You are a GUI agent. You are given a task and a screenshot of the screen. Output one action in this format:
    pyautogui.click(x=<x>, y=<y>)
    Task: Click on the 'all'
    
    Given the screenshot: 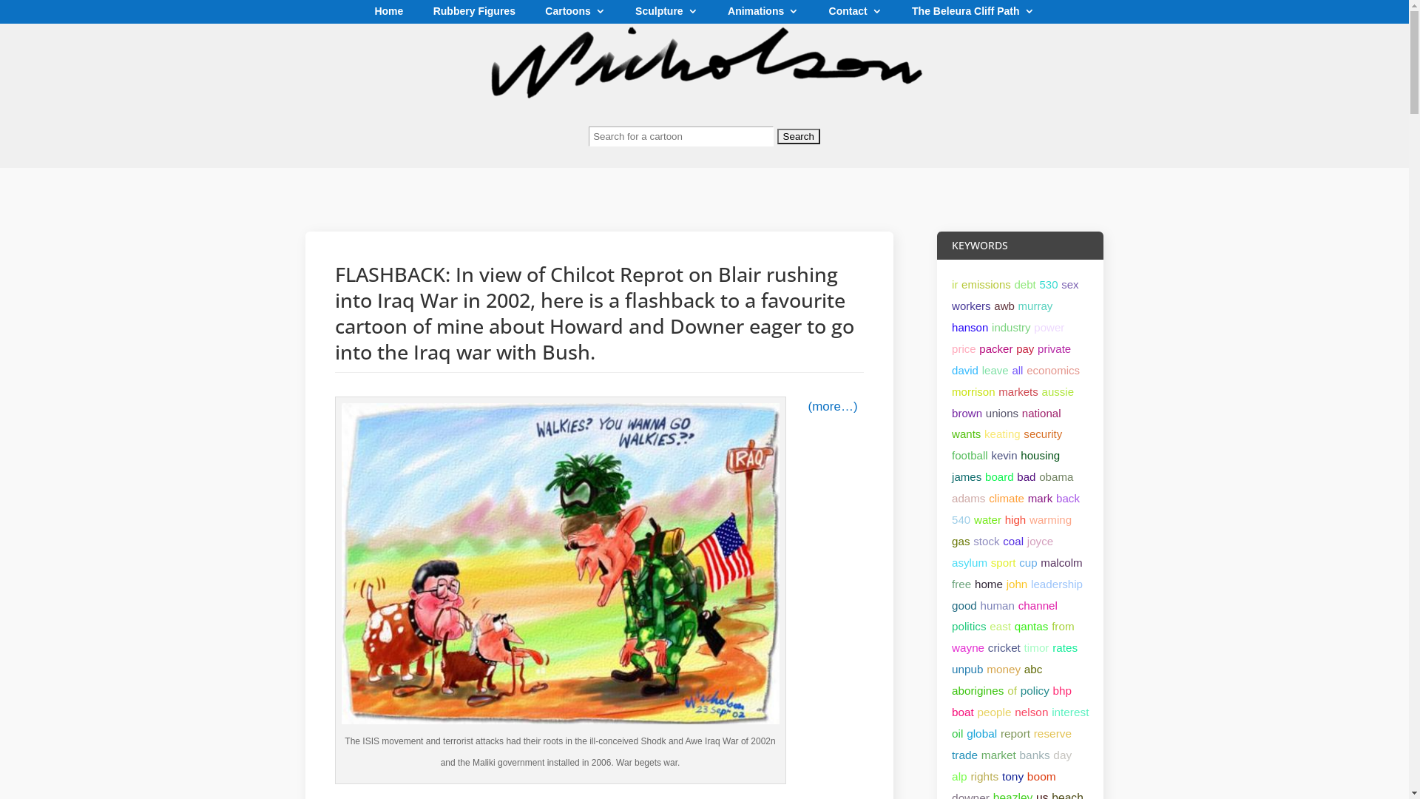 What is the action you would take?
    pyautogui.click(x=1011, y=369)
    